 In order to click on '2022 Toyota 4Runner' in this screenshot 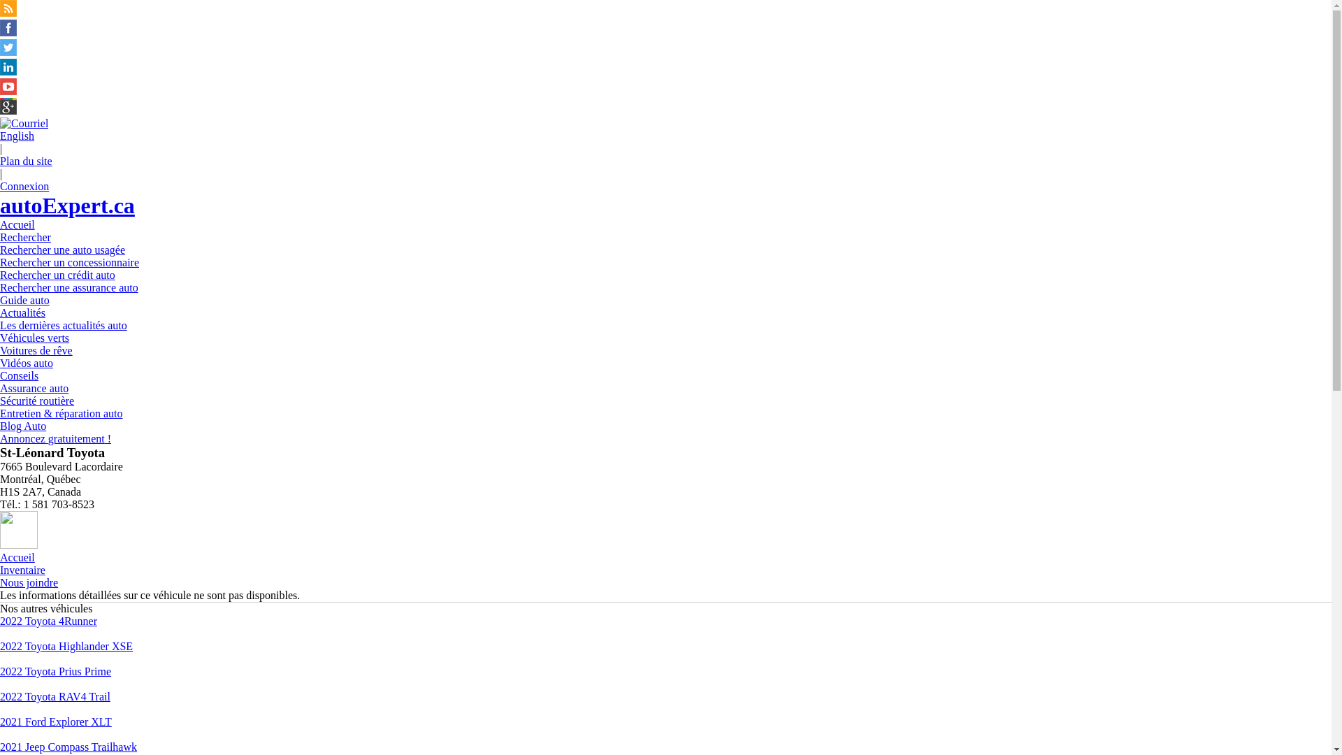, I will do `click(48, 620)`.